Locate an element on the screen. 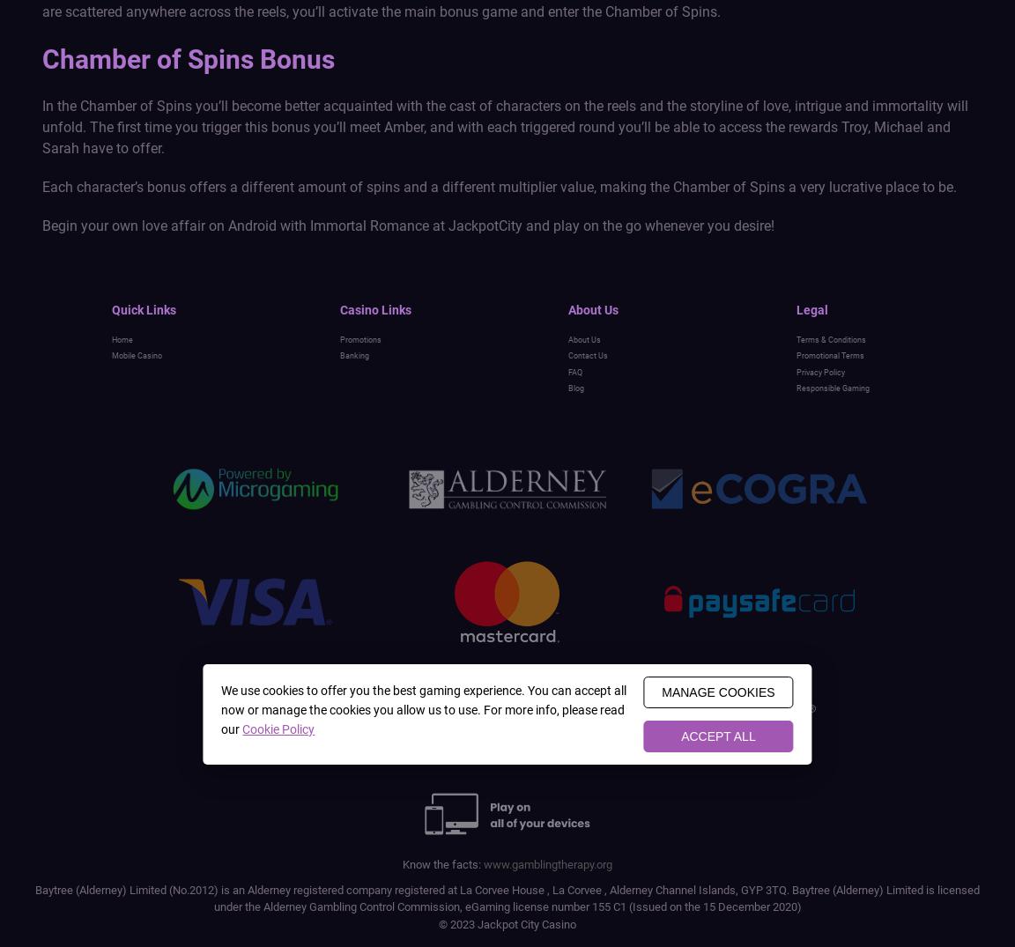  '© 2023 Jackpot City Casino' is located at coordinates (507, 923).